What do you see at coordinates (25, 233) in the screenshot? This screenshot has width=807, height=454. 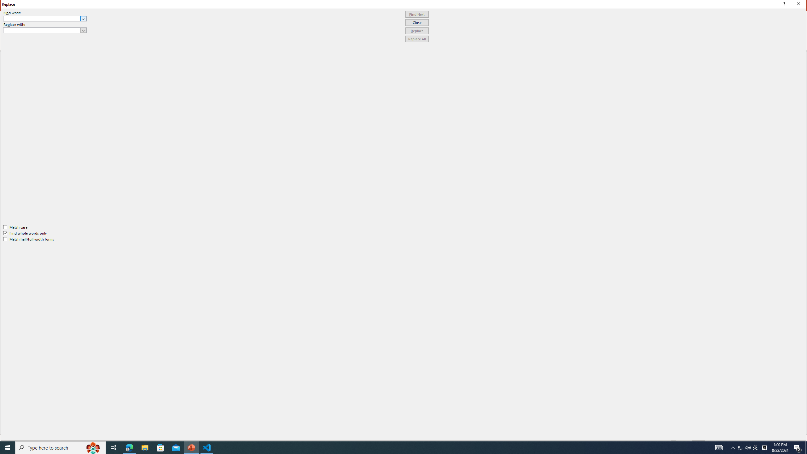 I see `'Find whole words only'` at bounding box center [25, 233].